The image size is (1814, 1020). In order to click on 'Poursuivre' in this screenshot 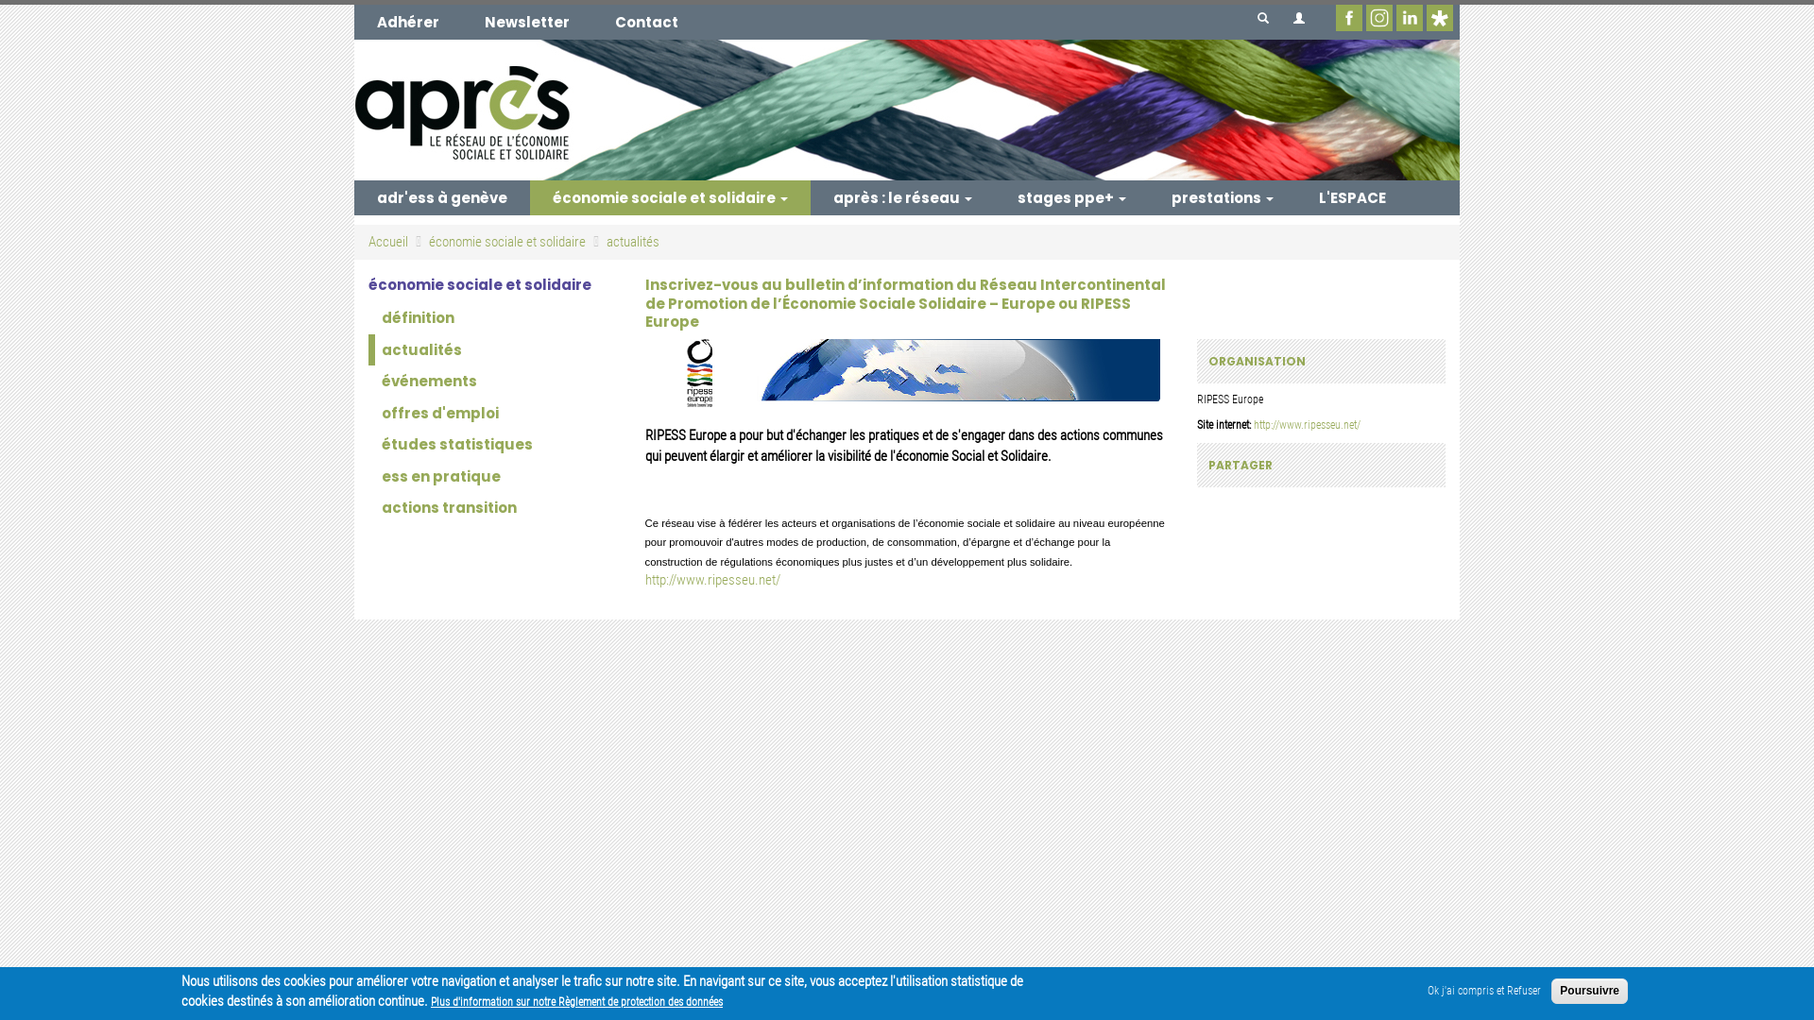, I will do `click(1550, 990)`.